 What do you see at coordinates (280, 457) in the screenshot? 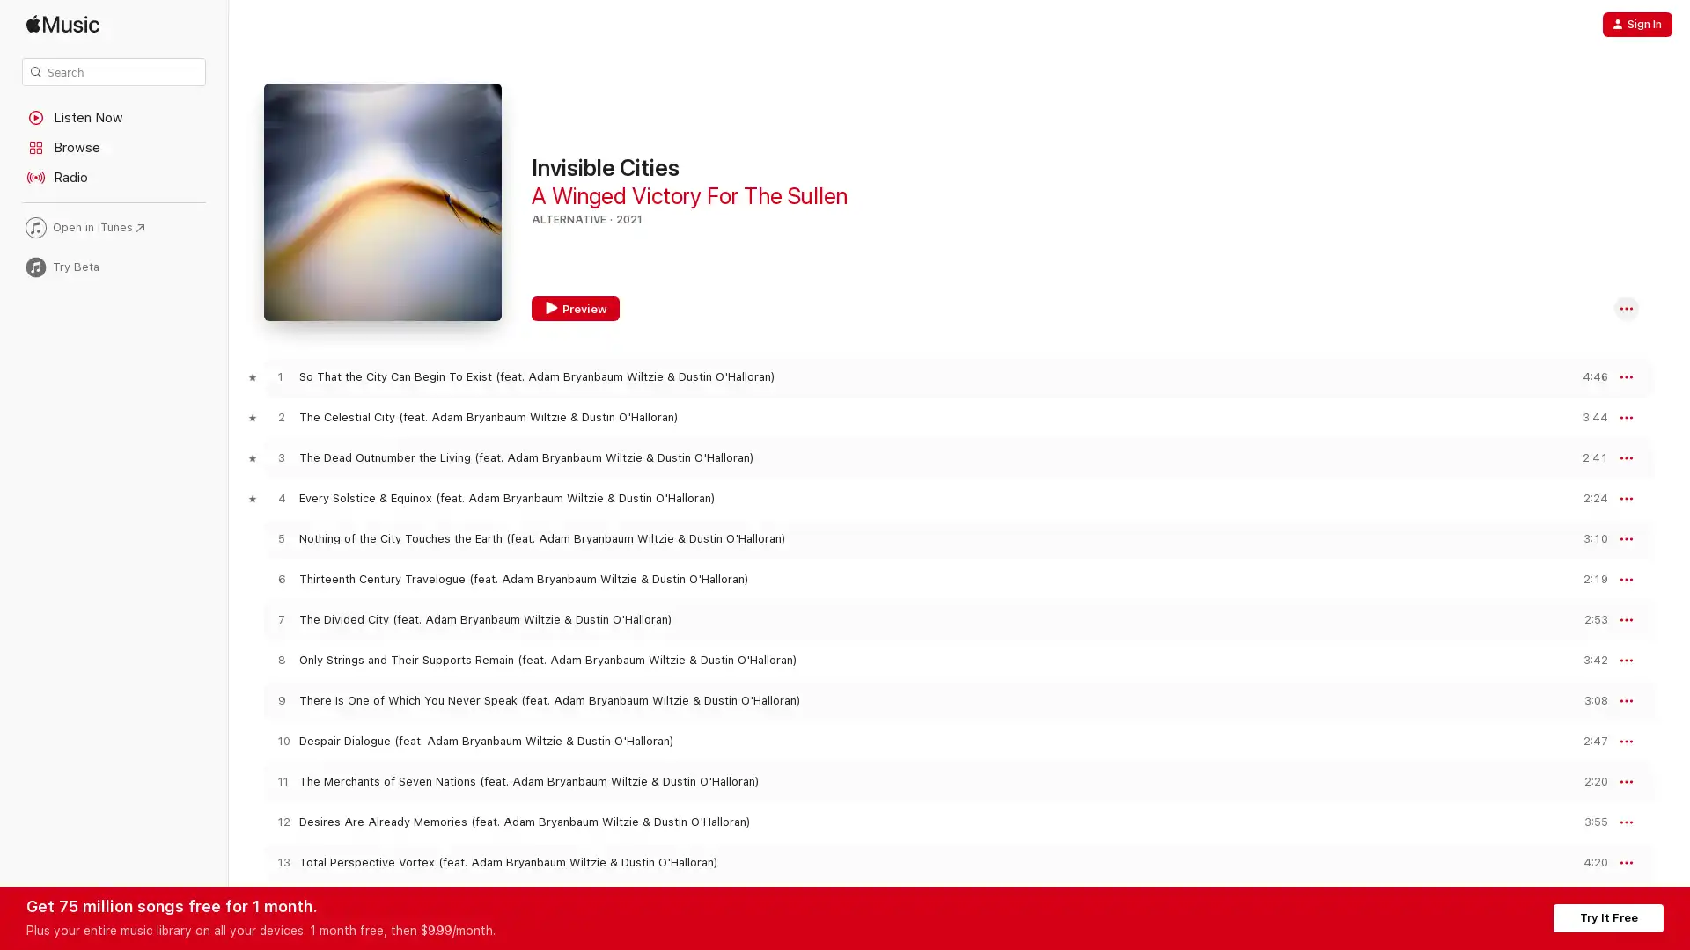
I see `Play` at bounding box center [280, 457].